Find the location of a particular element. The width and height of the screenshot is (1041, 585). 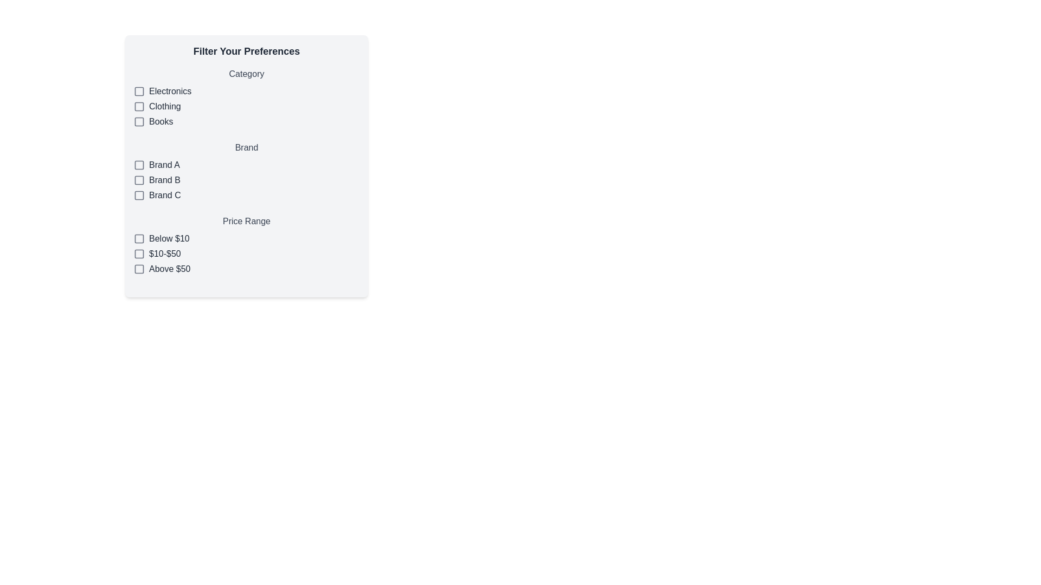

the third checkbox in the 'Price Range' section of the filter menu is located at coordinates (246, 269).